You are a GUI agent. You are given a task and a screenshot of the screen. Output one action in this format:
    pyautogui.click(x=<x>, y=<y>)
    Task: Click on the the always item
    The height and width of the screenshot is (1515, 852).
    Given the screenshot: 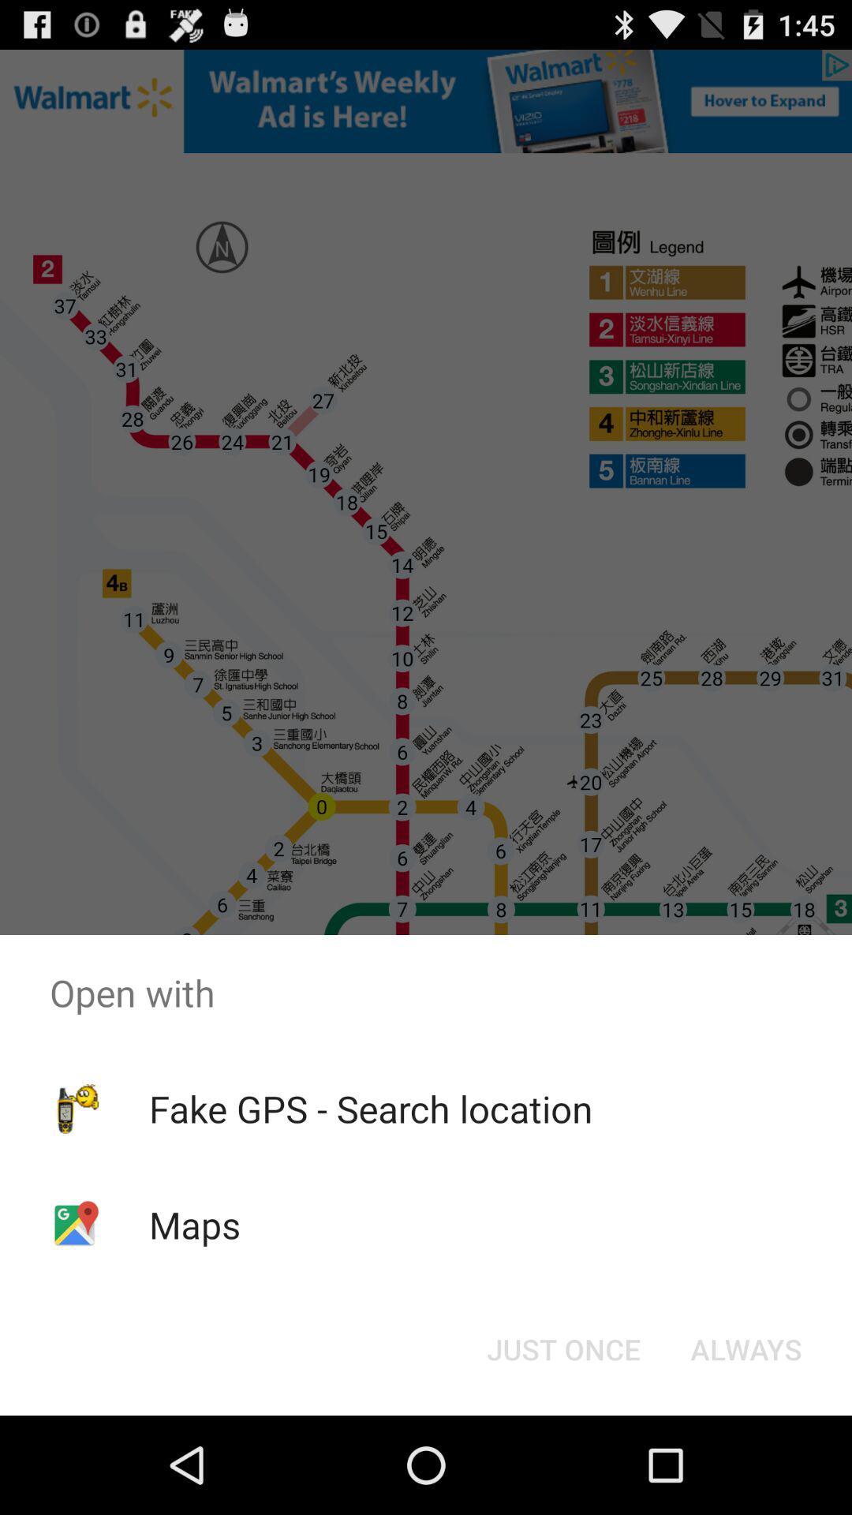 What is the action you would take?
    pyautogui.click(x=745, y=1348)
    